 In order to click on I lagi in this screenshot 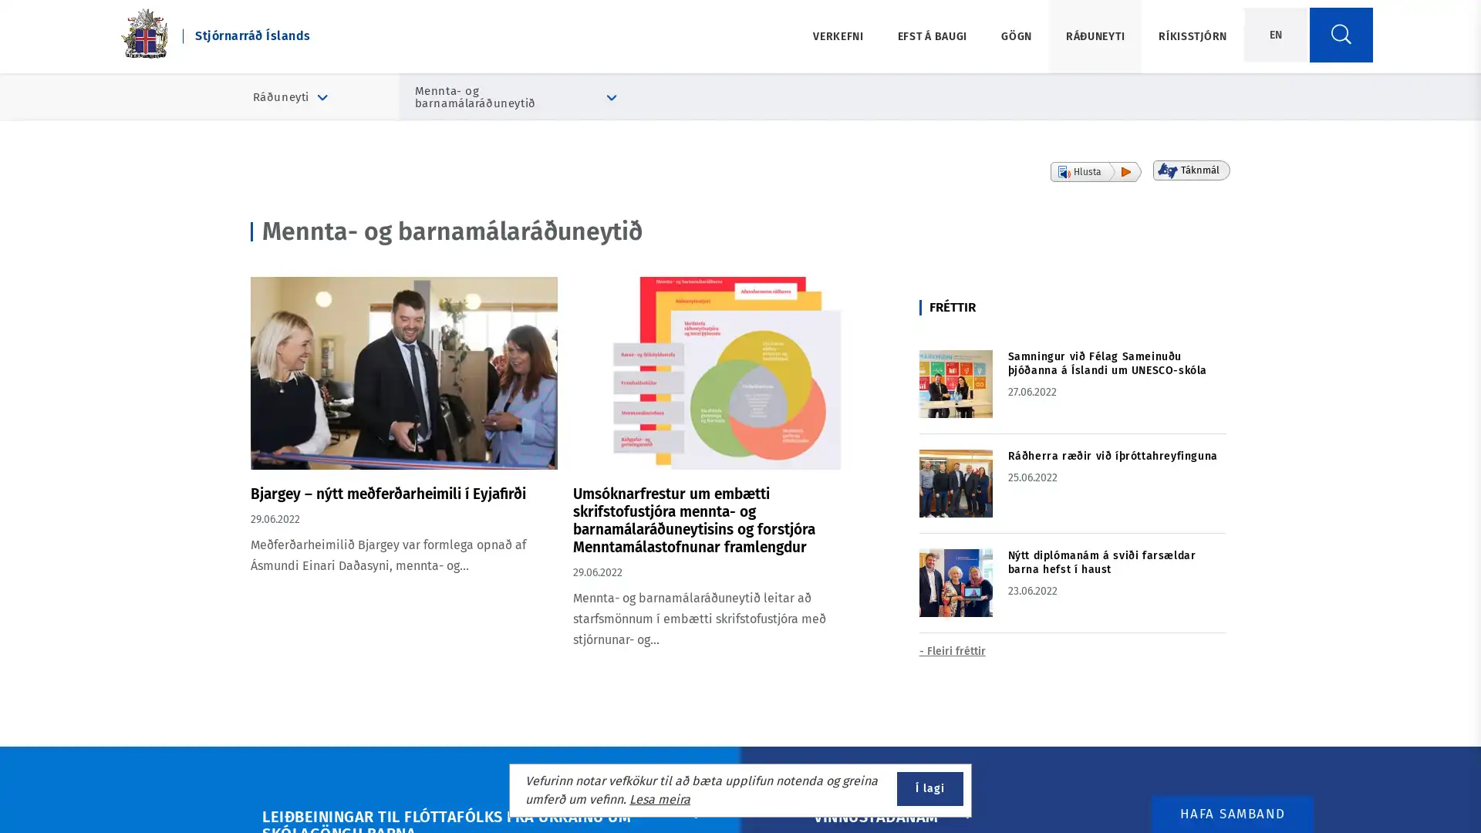, I will do `click(929, 788)`.